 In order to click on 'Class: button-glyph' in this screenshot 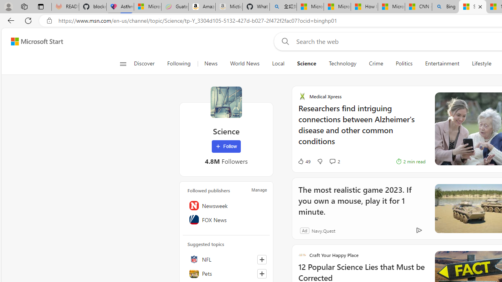, I will do `click(122, 63)`.